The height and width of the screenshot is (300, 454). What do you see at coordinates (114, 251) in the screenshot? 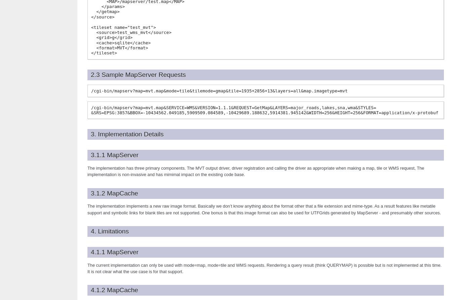
I see `'4.1.1 MapServer'` at bounding box center [114, 251].